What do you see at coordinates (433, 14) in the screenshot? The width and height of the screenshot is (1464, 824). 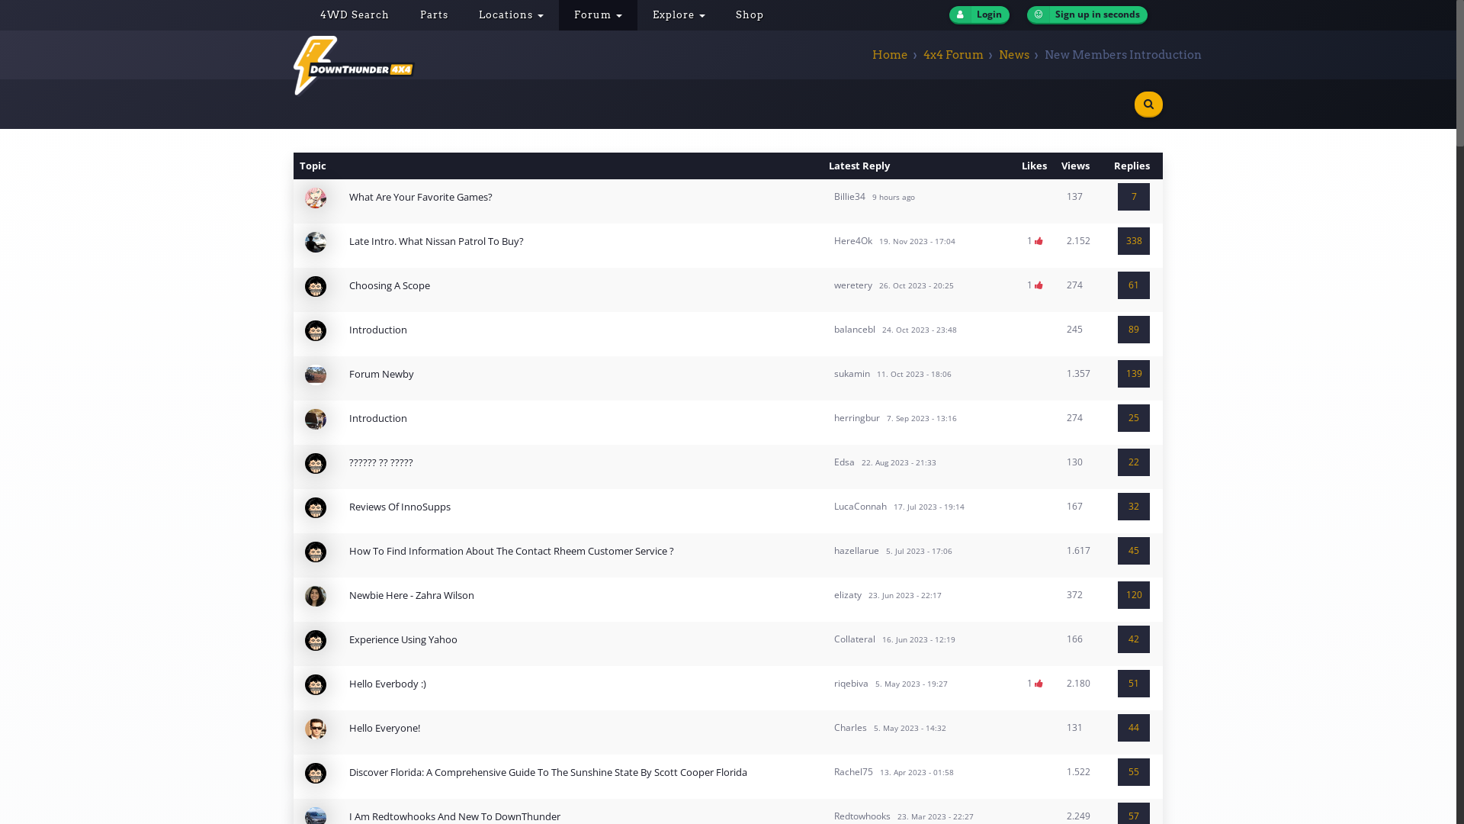 I see `'Parts'` at bounding box center [433, 14].